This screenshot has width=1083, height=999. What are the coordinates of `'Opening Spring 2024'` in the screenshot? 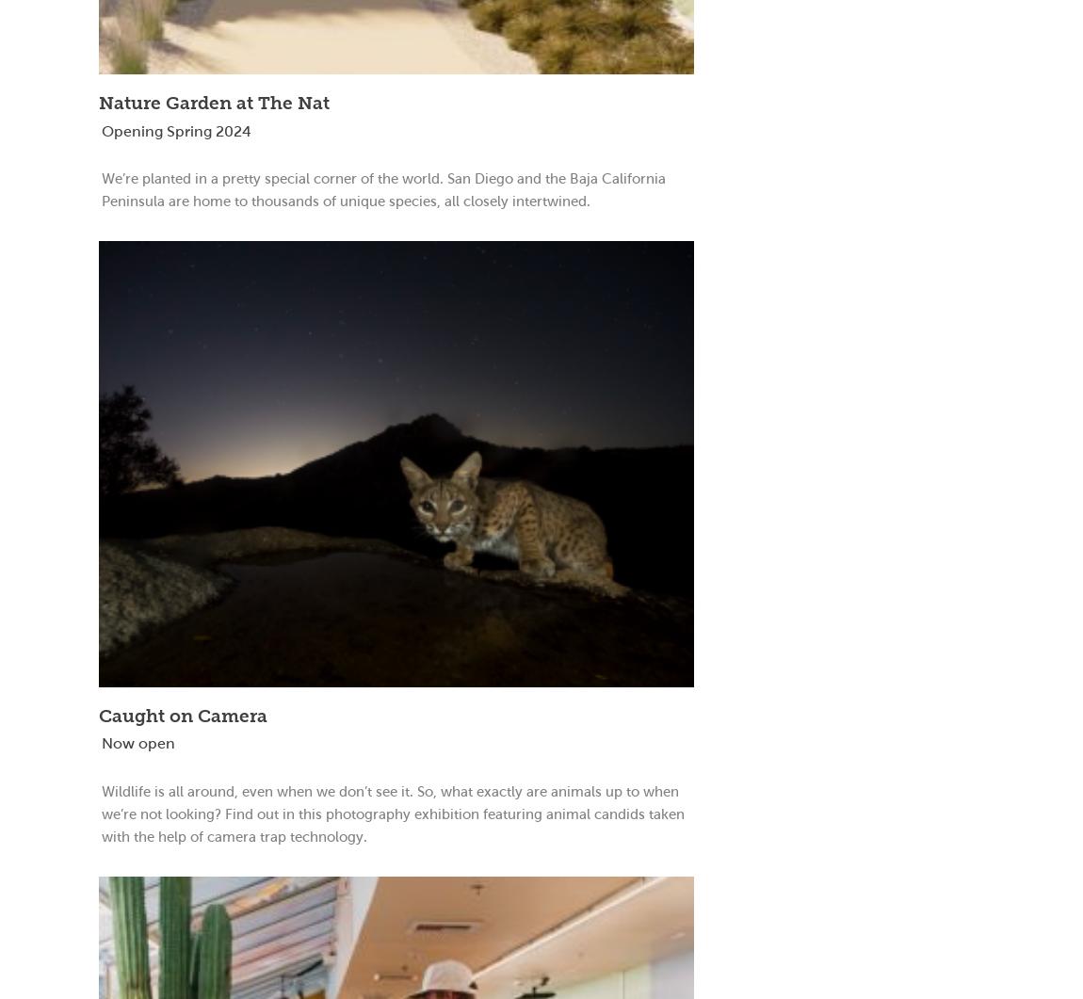 It's located at (100, 130).